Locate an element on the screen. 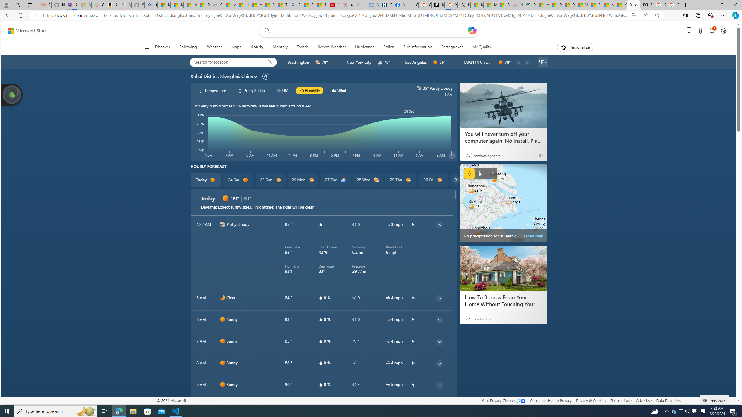 The image size is (742, 417). 'Arthritis: Ask Health Professionals - Sleeping' is located at coordinates (346, 5).